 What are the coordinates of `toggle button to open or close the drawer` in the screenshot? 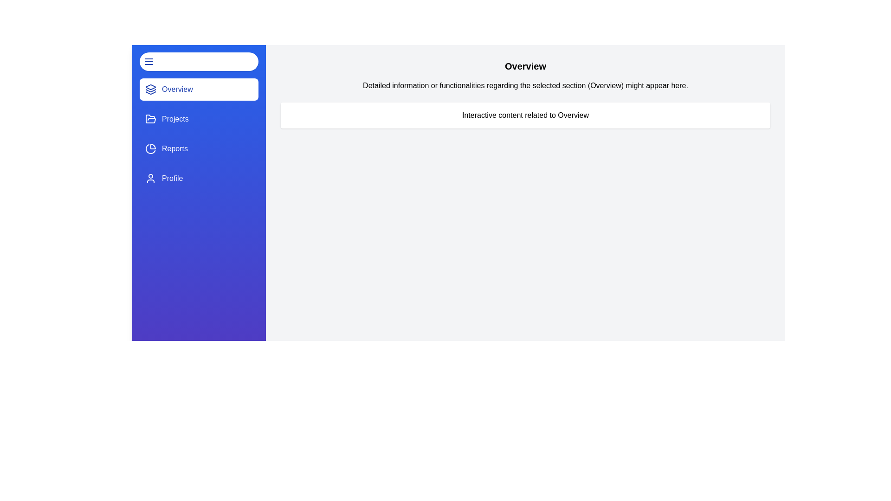 It's located at (198, 61).